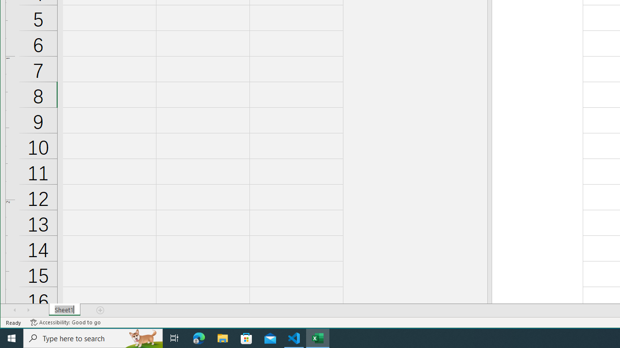 The image size is (620, 348). I want to click on 'Microsoft Edge', so click(199, 337).